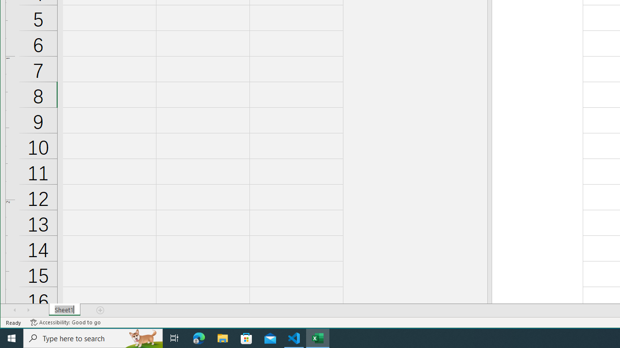 The image size is (620, 348). I want to click on 'Microsoft Edge', so click(199, 337).